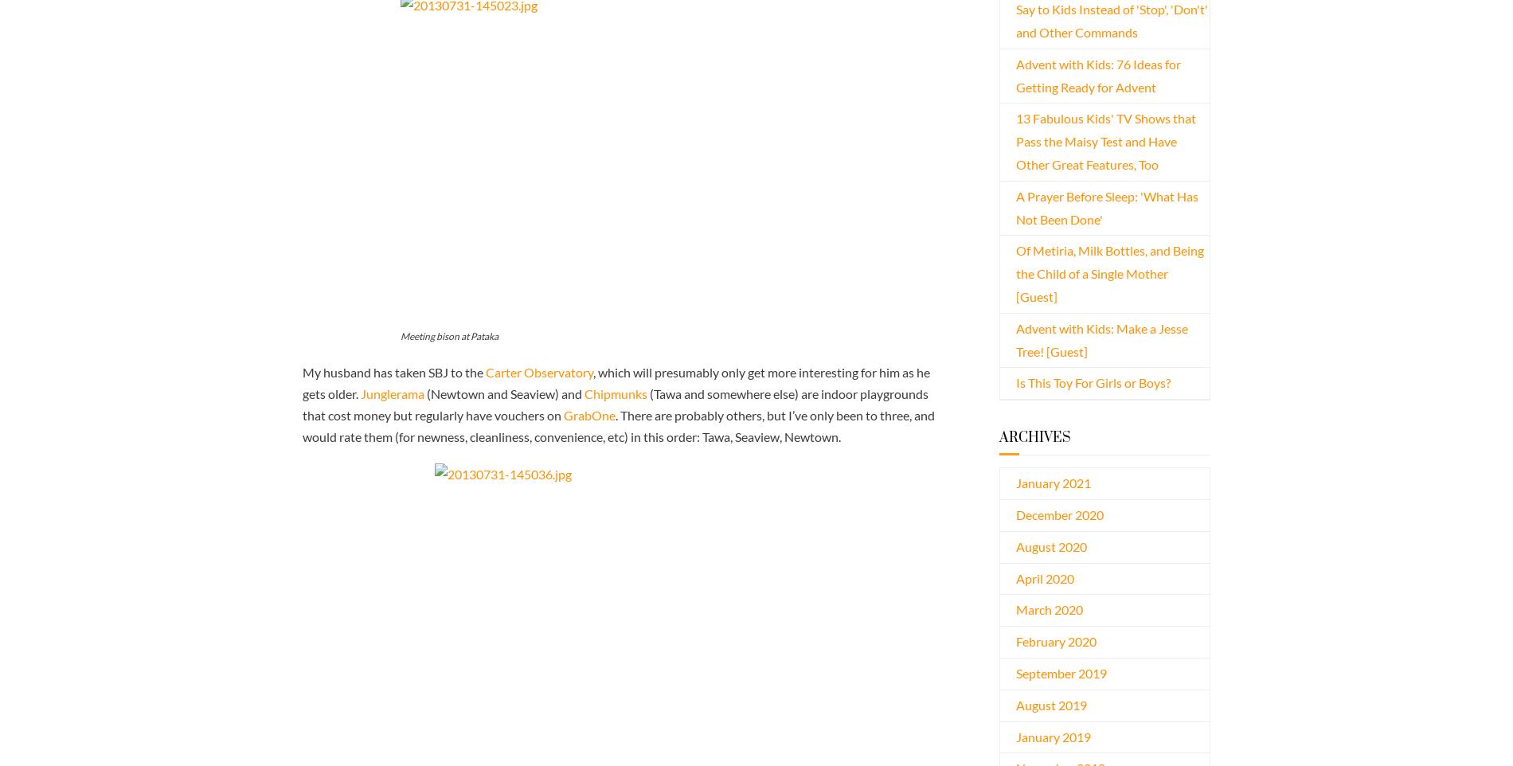  What do you see at coordinates (393, 371) in the screenshot?
I see `'My husband has taken SBJ to the'` at bounding box center [393, 371].